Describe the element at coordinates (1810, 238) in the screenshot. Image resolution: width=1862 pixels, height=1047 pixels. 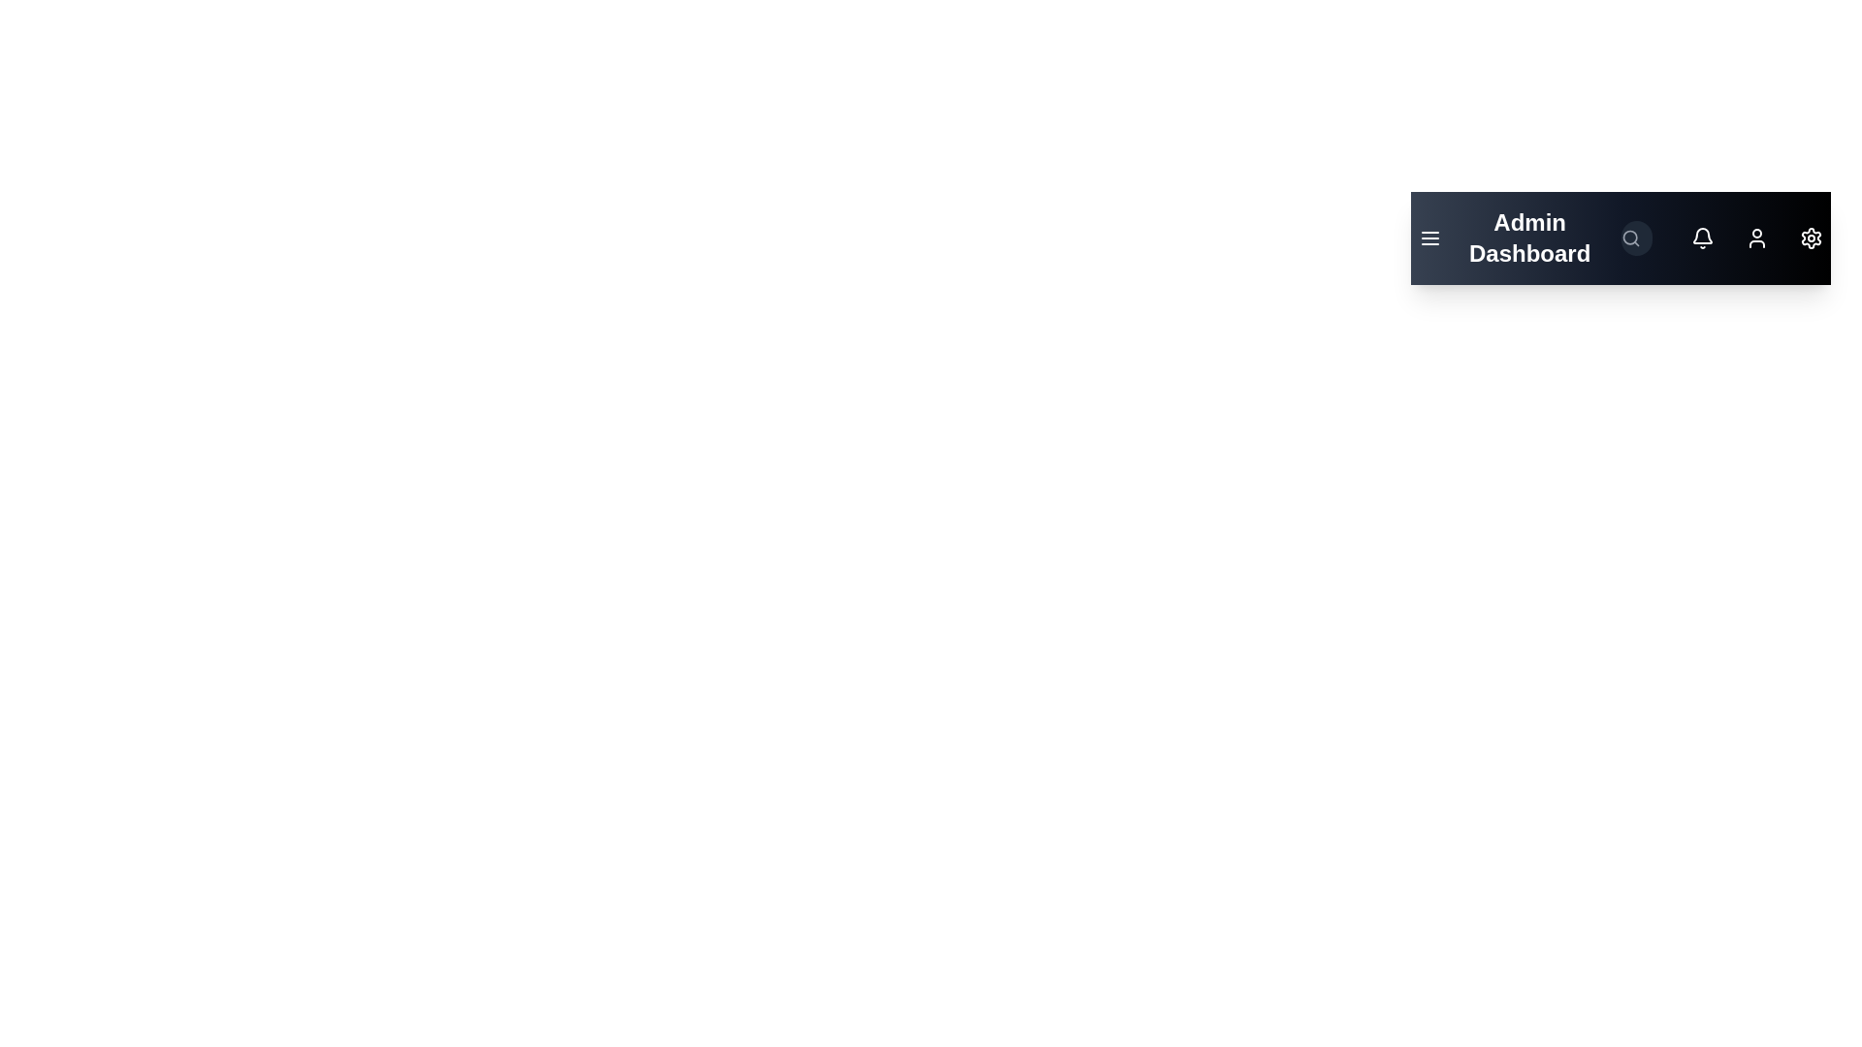
I see `the settings icon located at the top right corner of the dashboard app bar` at that location.